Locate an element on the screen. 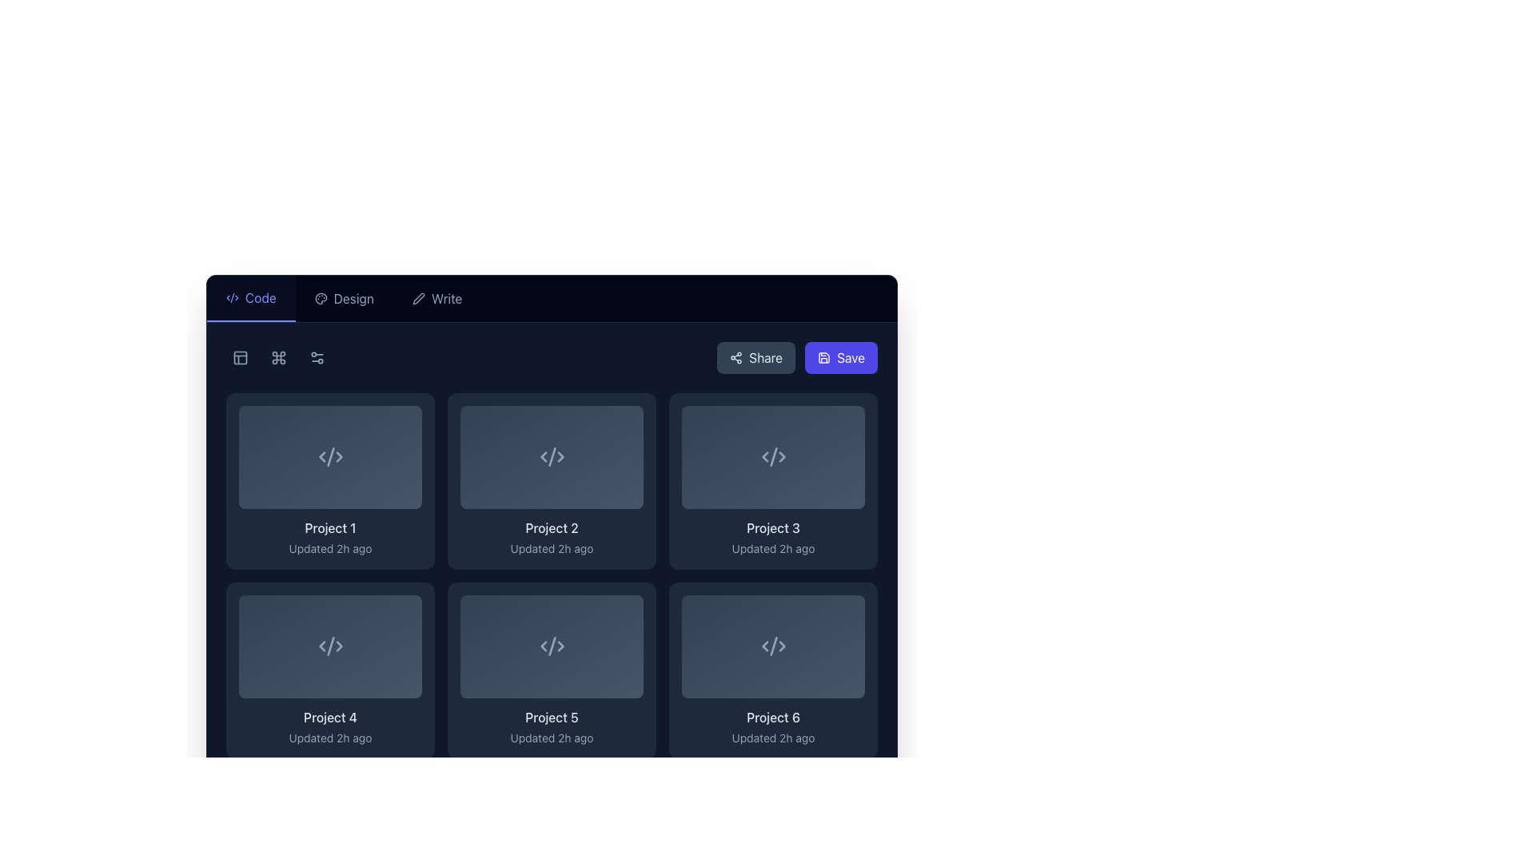  the second icon in the group of three, characterized by a four-circle clover design is located at coordinates (279, 356).